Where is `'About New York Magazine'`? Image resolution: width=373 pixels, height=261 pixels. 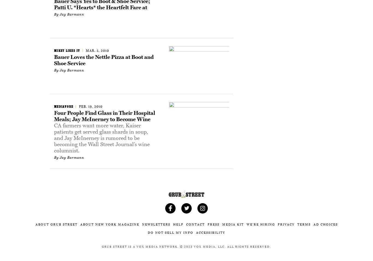 'About New York Magazine' is located at coordinates (80, 224).